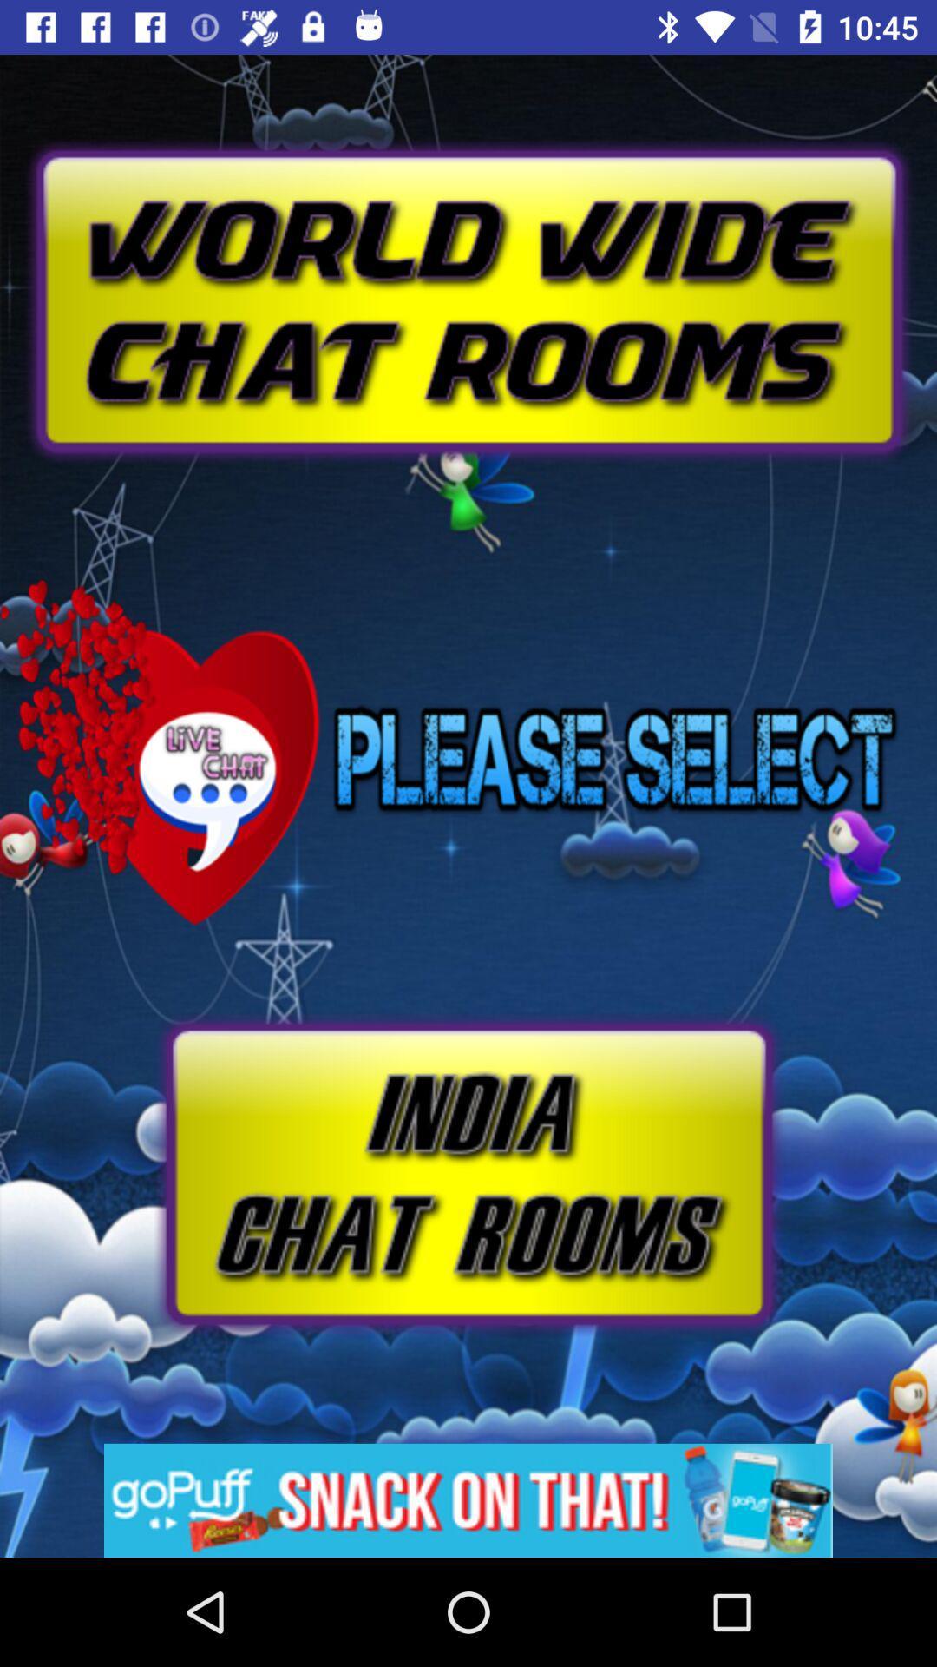  What do you see at coordinates (468, 260) in the screenshot?
I see `advertisement page` at bounding box center [468, 260].